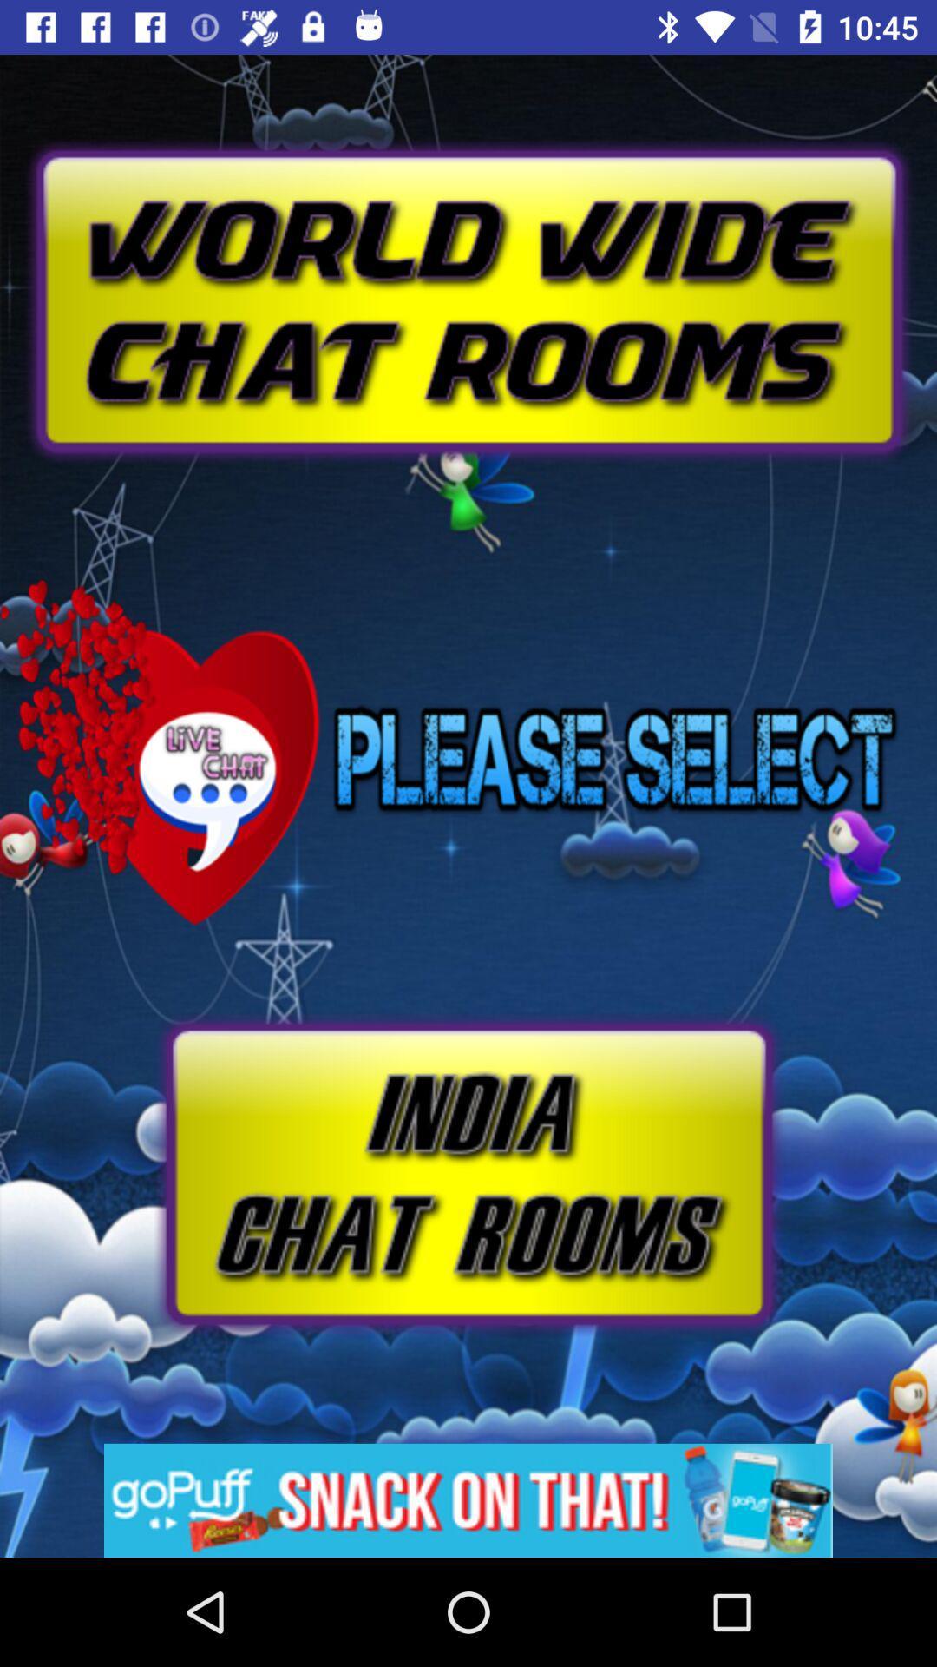  What do you see at coordinates (468, 260) in the screenshot?
I see `advertisement page` at bounding box center [468, 260].